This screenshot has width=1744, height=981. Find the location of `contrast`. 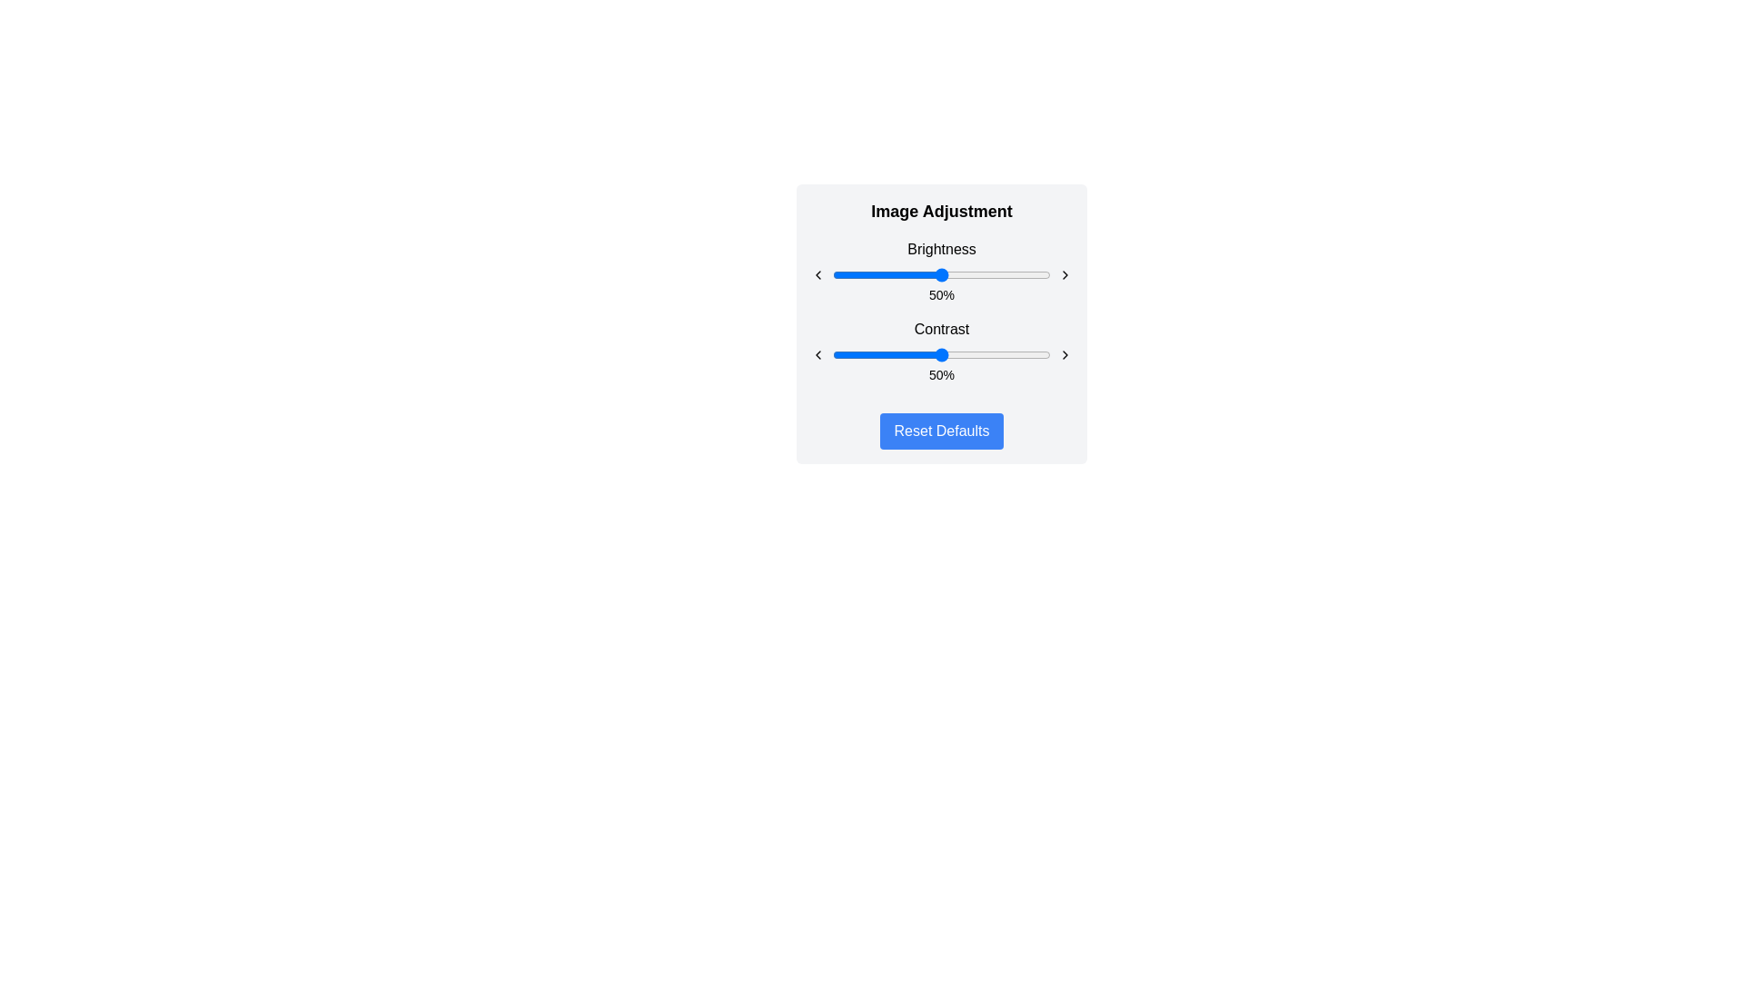

contrast is located at coordinates (935, 354).